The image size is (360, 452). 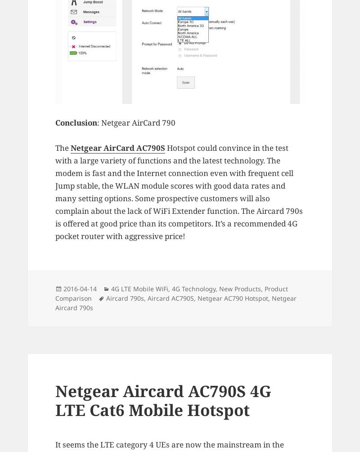 I want to click on '4G Technology', so click(x=193, y=288).